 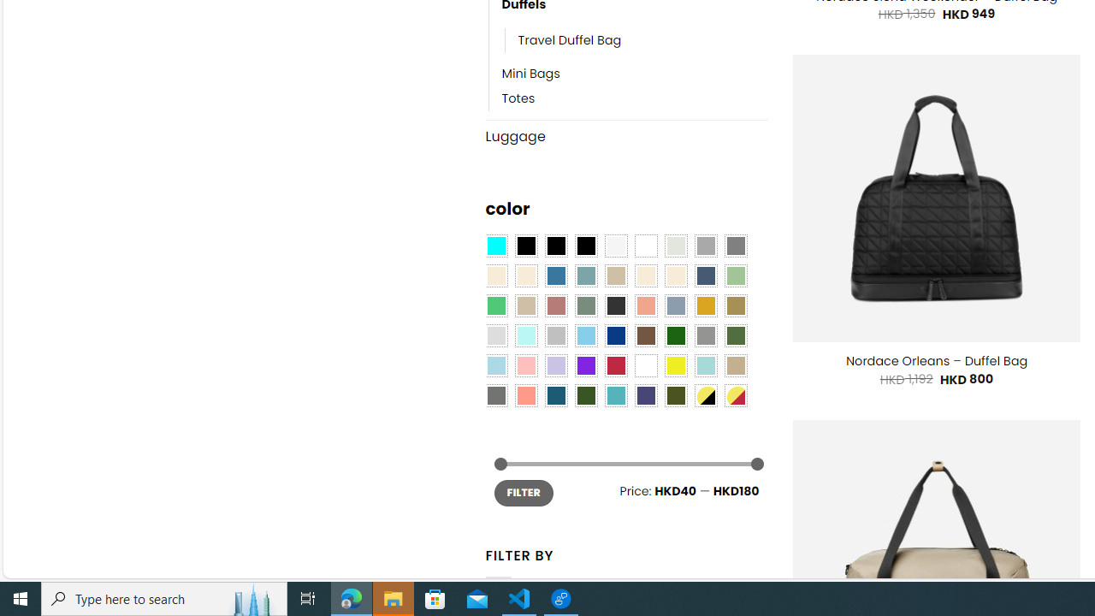 I want to click on 'Yellow-Black', so click(x=705, y=395).